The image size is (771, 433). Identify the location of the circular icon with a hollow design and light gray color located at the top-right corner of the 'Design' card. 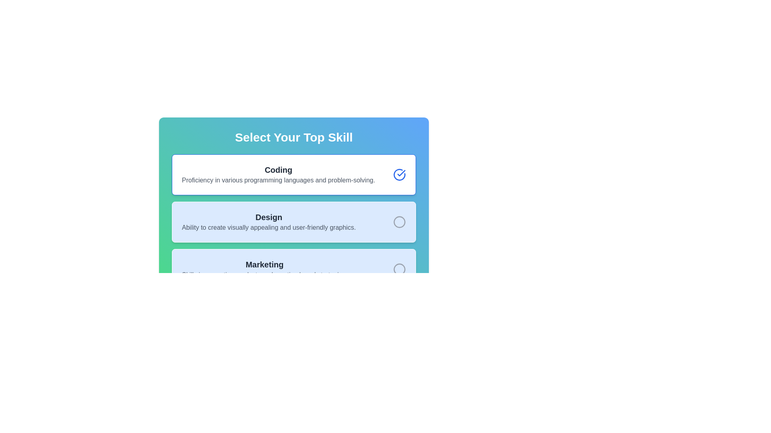
(399, 222).